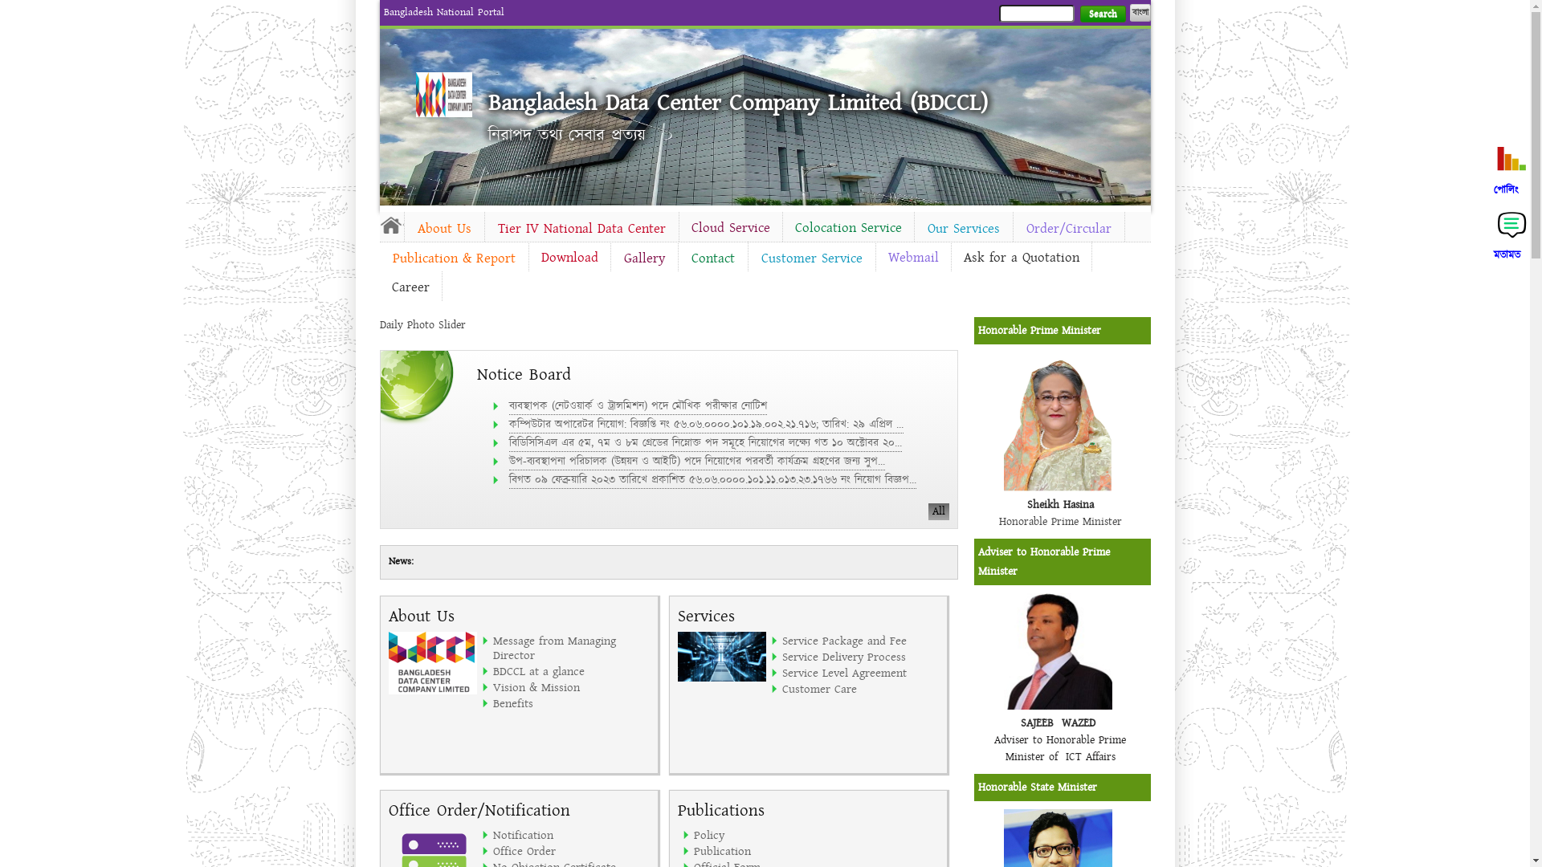 The height and width of the screenshot is (867, 1542). I want to click on 'Download', so click(569, 256).